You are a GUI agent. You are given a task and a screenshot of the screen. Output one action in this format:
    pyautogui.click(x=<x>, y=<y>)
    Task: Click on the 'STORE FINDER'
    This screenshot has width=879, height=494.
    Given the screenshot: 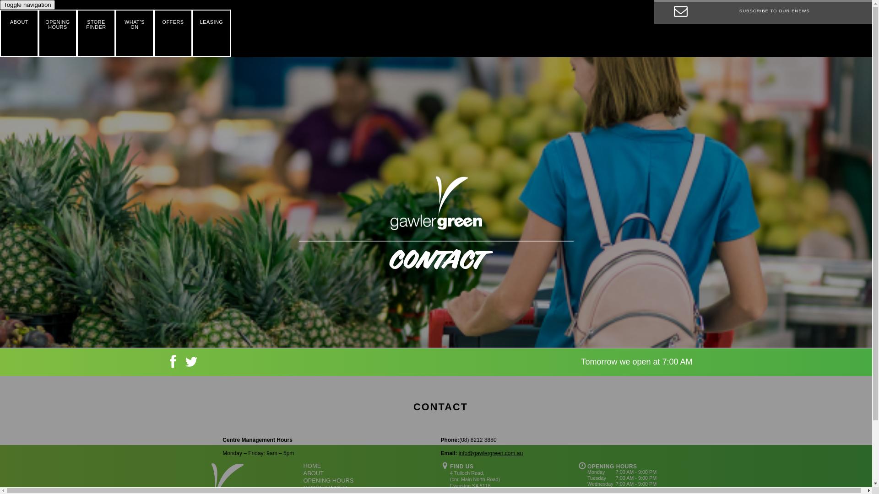 What is the action you would take?
    pyautogui.click(x=96, y=33)
    